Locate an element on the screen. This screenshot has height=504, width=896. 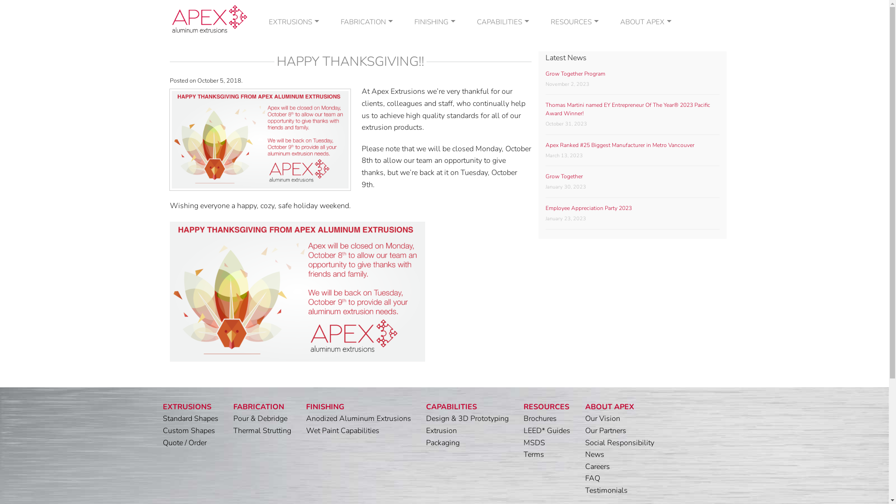
'Thermal Strutting' is located at coordinates (261, 430).